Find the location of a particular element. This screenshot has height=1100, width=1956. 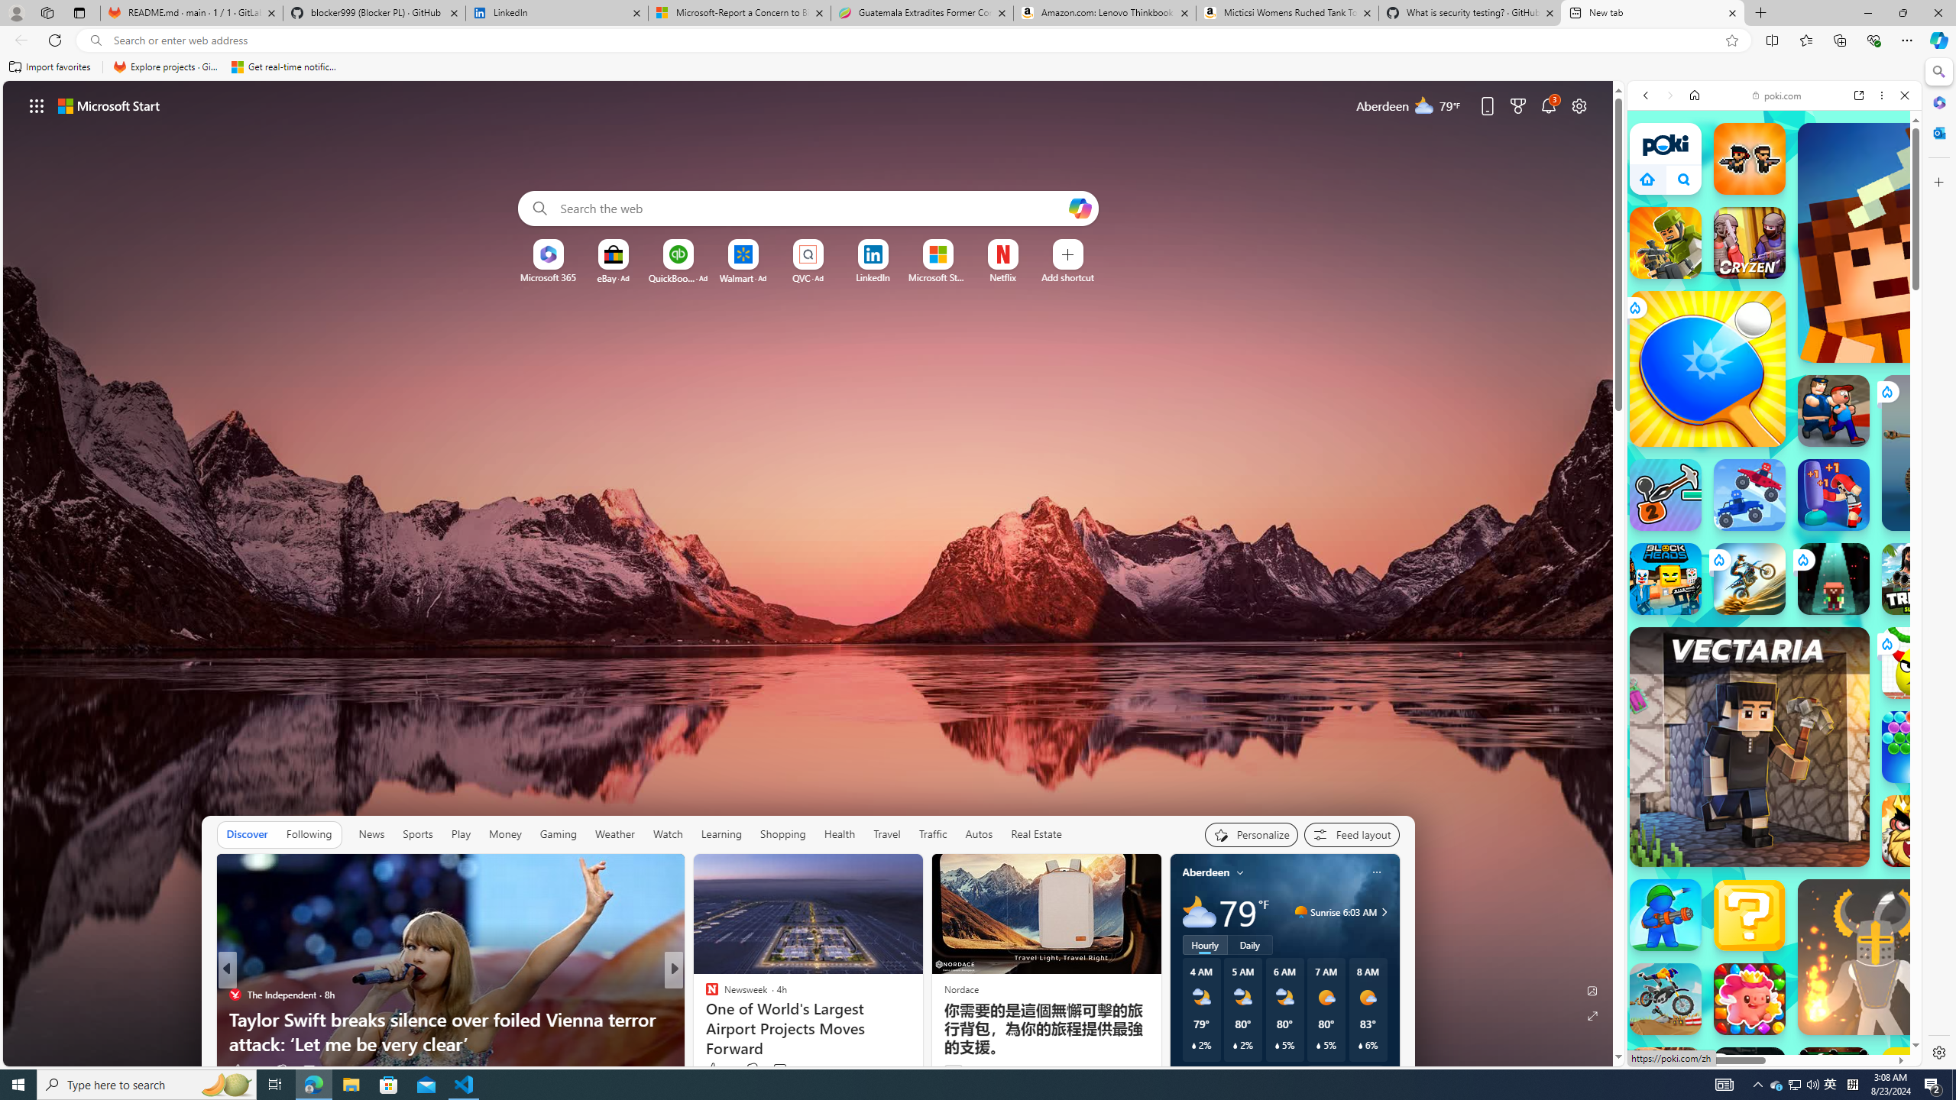

'My location' is located at coordinates (1239, 872).